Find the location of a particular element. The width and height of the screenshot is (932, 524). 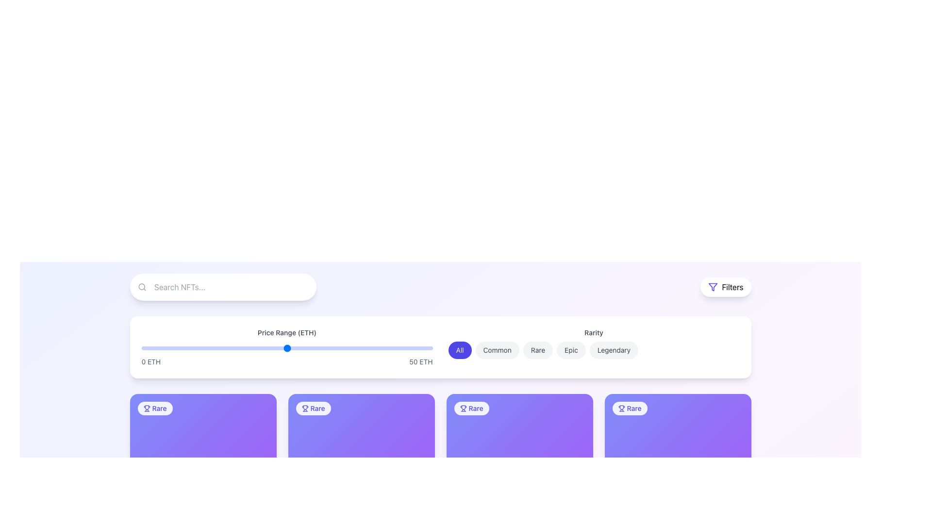

the badge containing the trophy icon is located at coordinates (621, 408).